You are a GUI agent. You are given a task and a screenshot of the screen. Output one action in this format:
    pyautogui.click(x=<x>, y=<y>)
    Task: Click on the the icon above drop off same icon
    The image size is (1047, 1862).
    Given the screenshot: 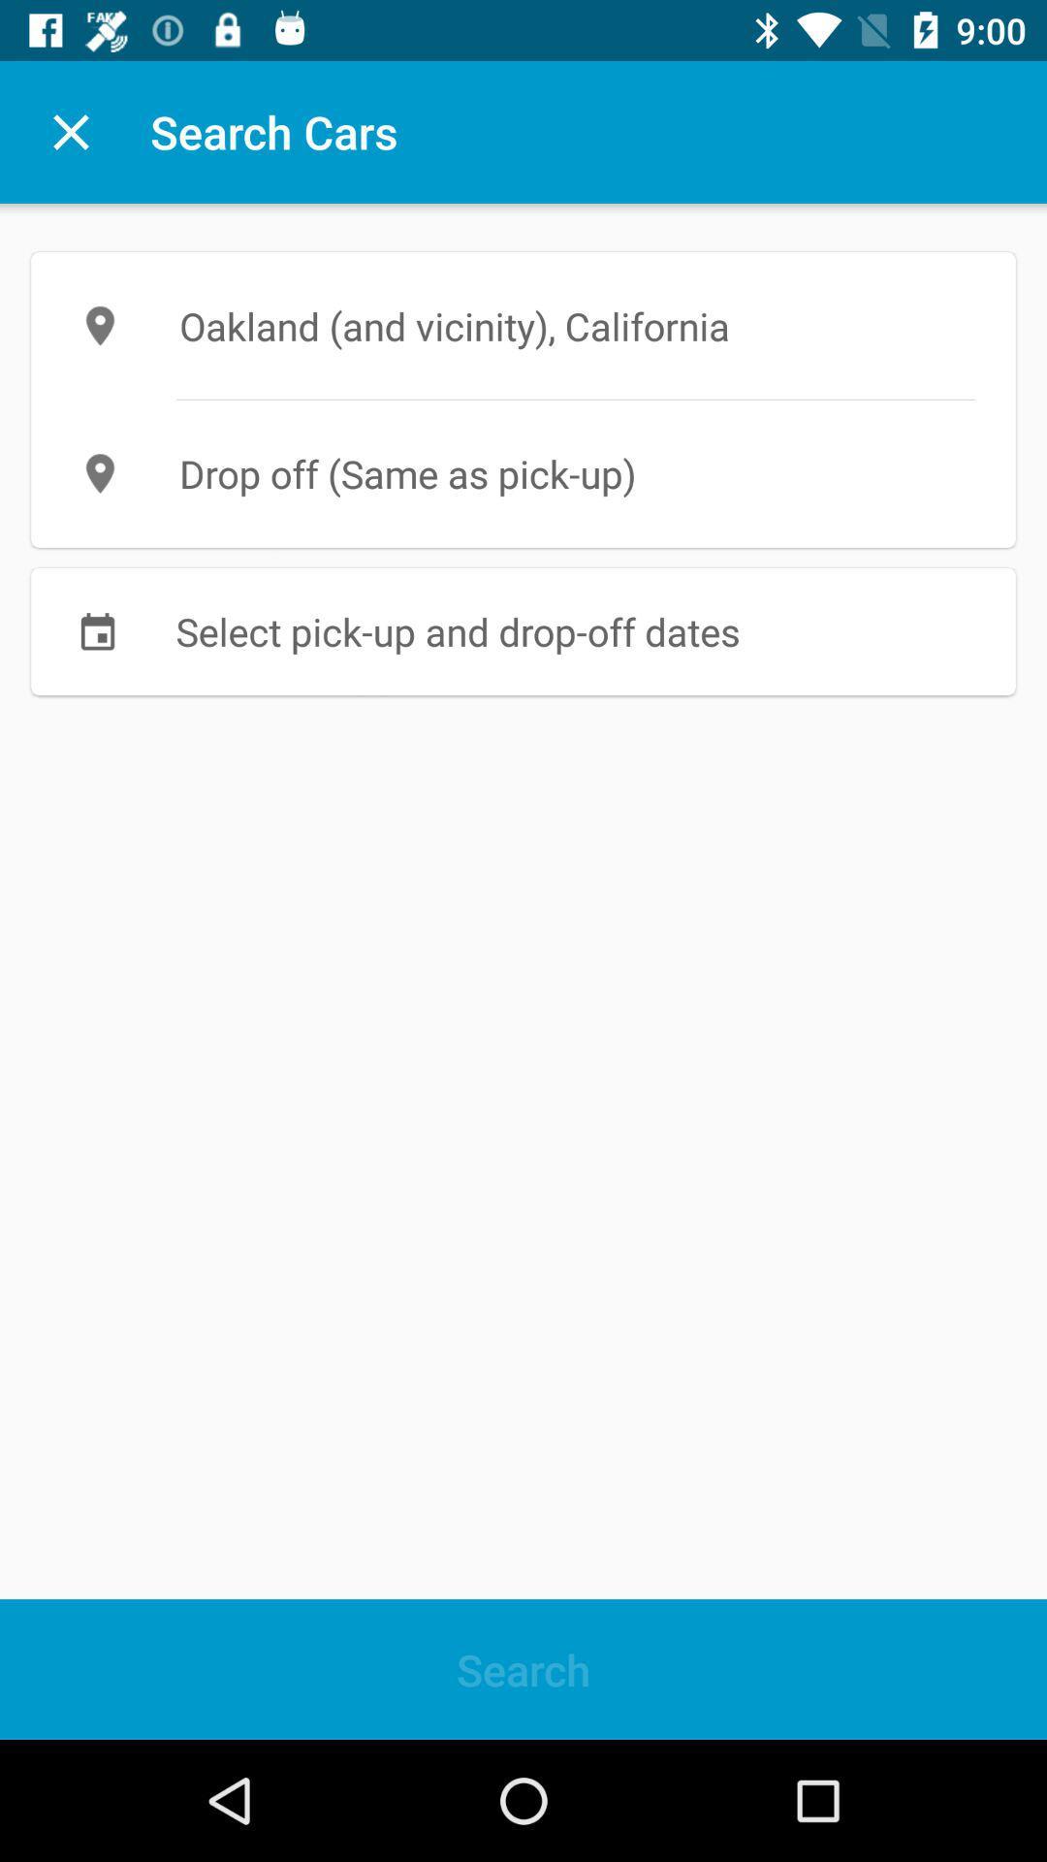 What is the action you would take?
    pyautogui.click(x=523, y=326)
    